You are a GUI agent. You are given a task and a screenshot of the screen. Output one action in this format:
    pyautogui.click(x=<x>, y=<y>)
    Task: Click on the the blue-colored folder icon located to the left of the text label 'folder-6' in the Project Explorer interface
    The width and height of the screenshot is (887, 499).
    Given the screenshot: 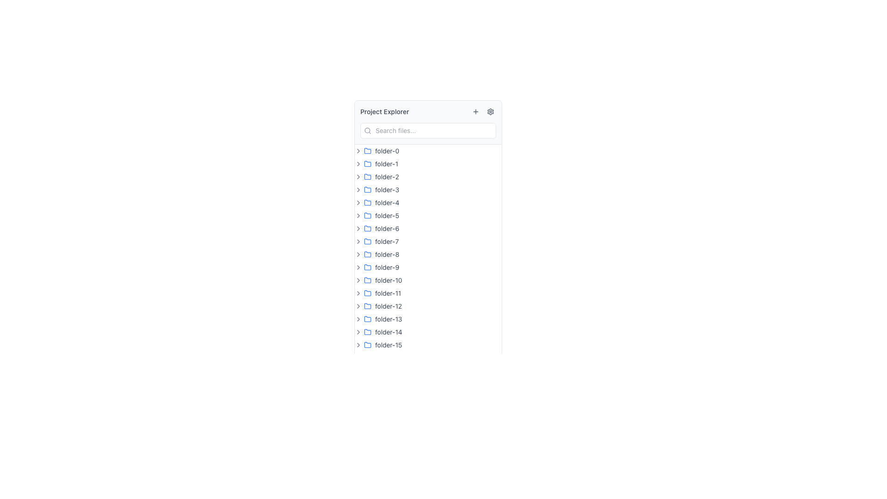 What is the action you would take?
    pyautogui.click(x=367, y=228)
    